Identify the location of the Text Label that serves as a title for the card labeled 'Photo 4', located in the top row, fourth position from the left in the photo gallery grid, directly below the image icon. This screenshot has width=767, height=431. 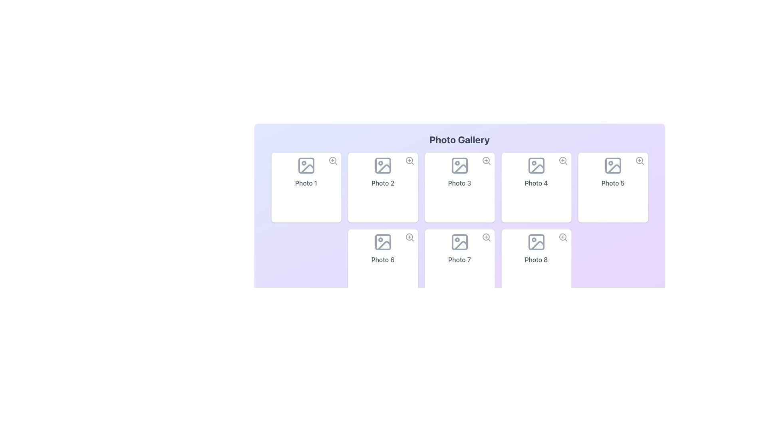
(536, 183).